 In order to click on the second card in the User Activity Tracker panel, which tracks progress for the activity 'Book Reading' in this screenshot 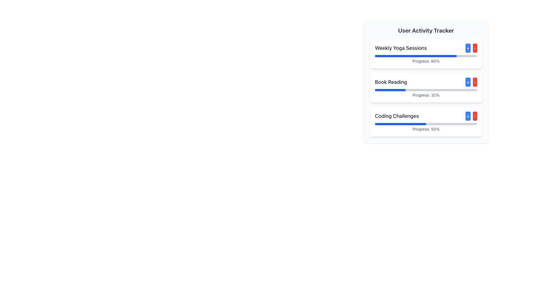, I will do `click(426, 88)`.